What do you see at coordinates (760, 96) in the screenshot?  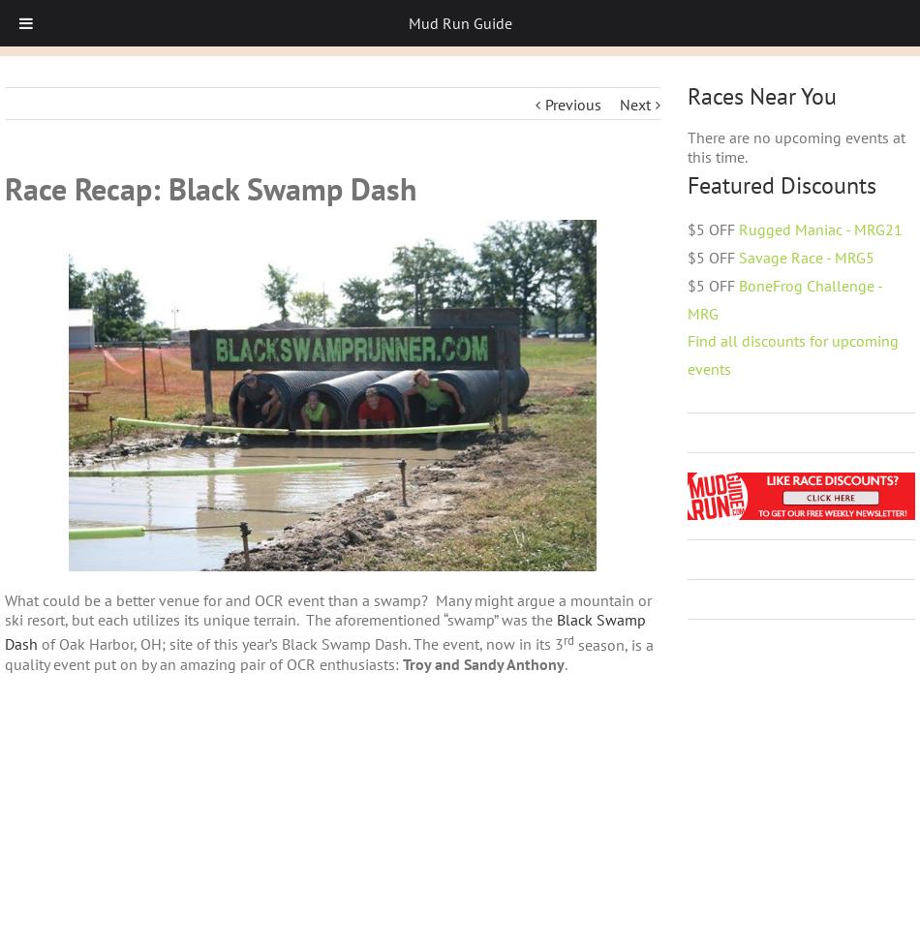 I see `'Races Near You'` at bounding box center [760, 96].